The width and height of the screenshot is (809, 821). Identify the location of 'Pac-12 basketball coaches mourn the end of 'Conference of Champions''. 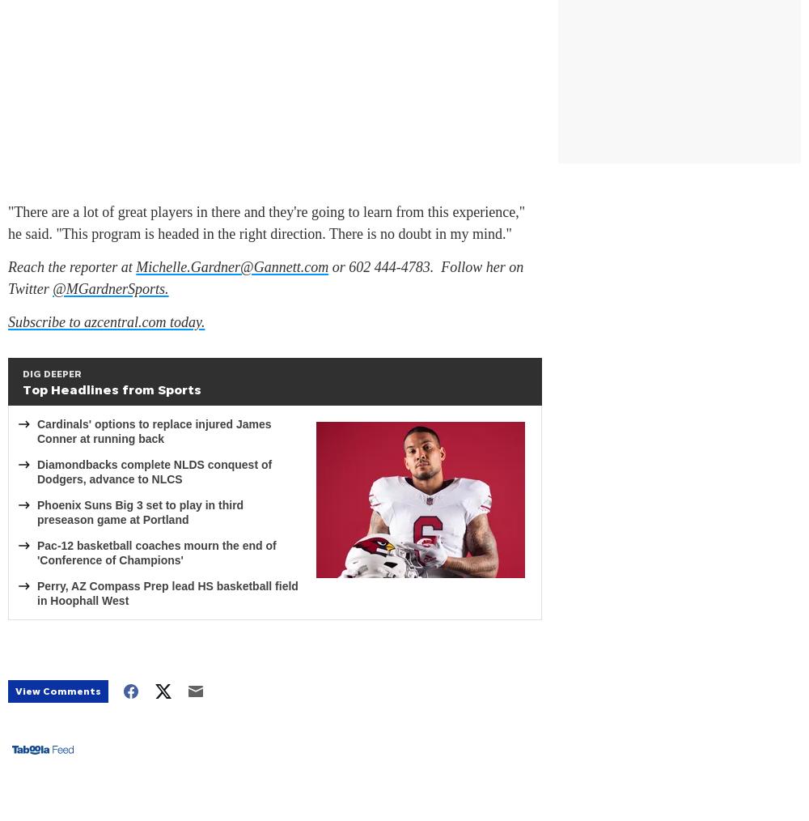
(155, 552).